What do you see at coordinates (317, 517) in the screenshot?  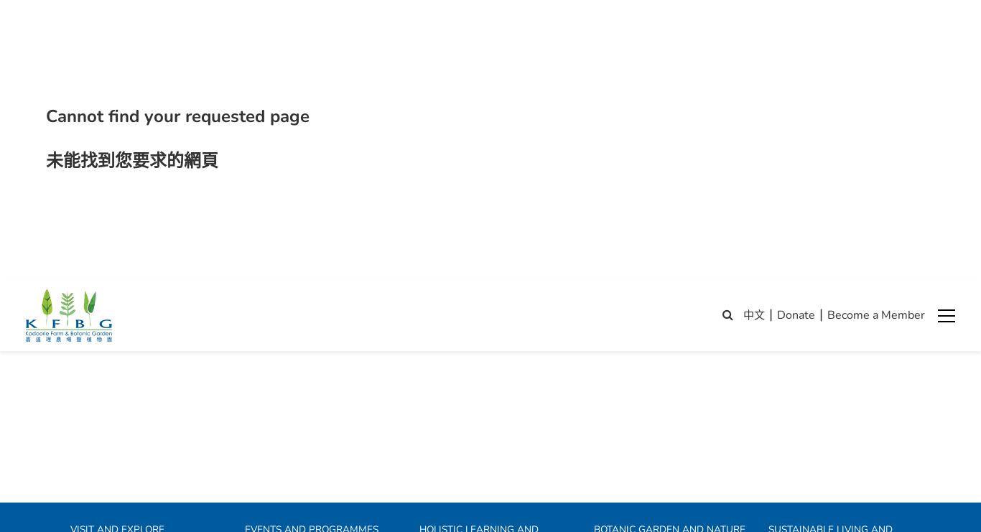 I see `'Wild Animal Rescue Centre (WARC)'` at bounding box center [317, 517].